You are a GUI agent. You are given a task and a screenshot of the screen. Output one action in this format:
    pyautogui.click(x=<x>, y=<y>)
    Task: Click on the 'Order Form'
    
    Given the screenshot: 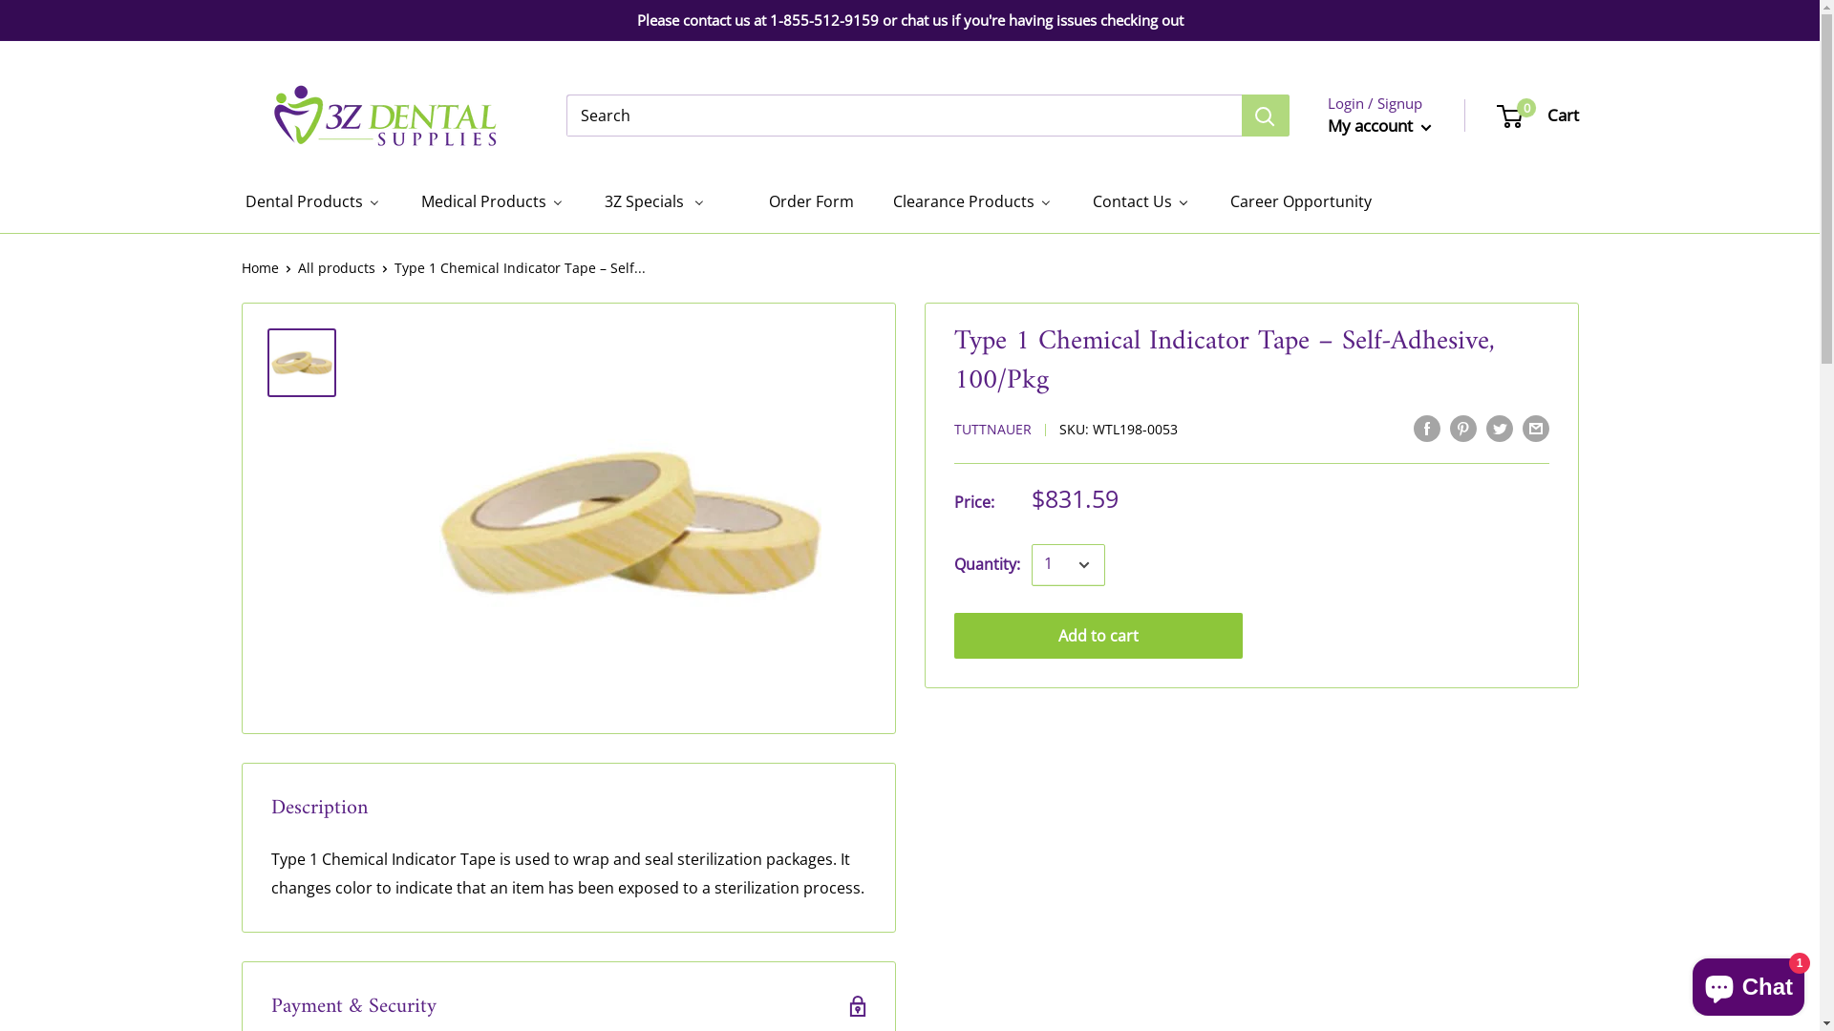 What is the action you would take?
    pyautogui.click(x=798, y=201)
    